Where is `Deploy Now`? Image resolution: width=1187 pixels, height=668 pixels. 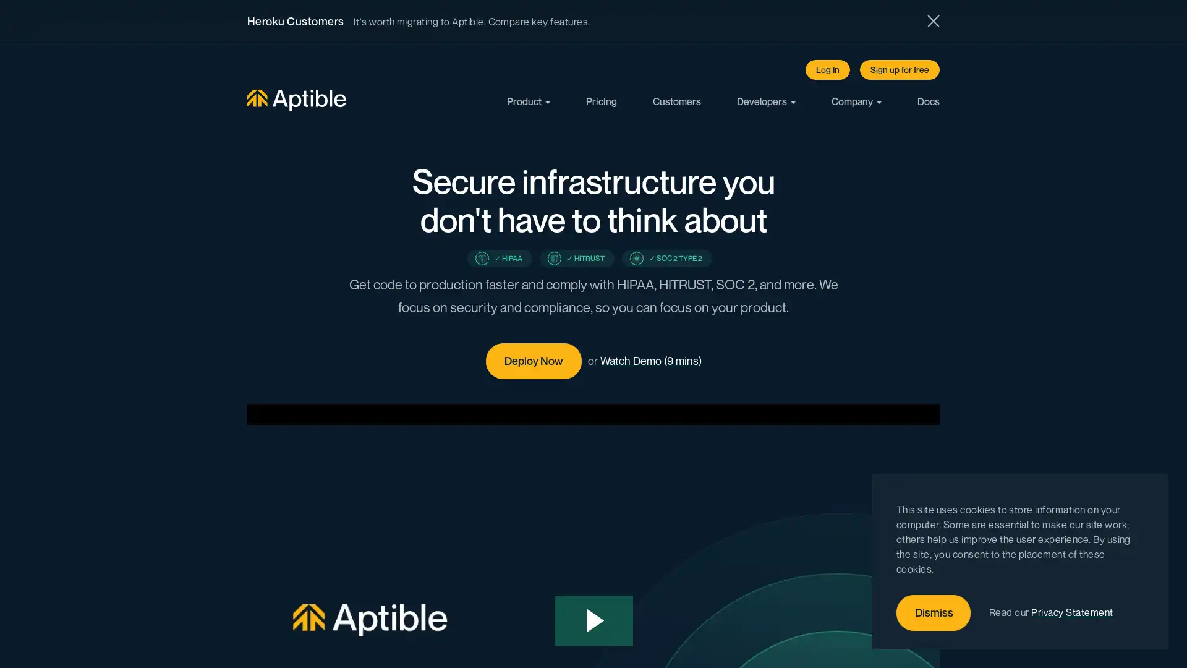
Deploy Now is located at coordinates (533, 361).